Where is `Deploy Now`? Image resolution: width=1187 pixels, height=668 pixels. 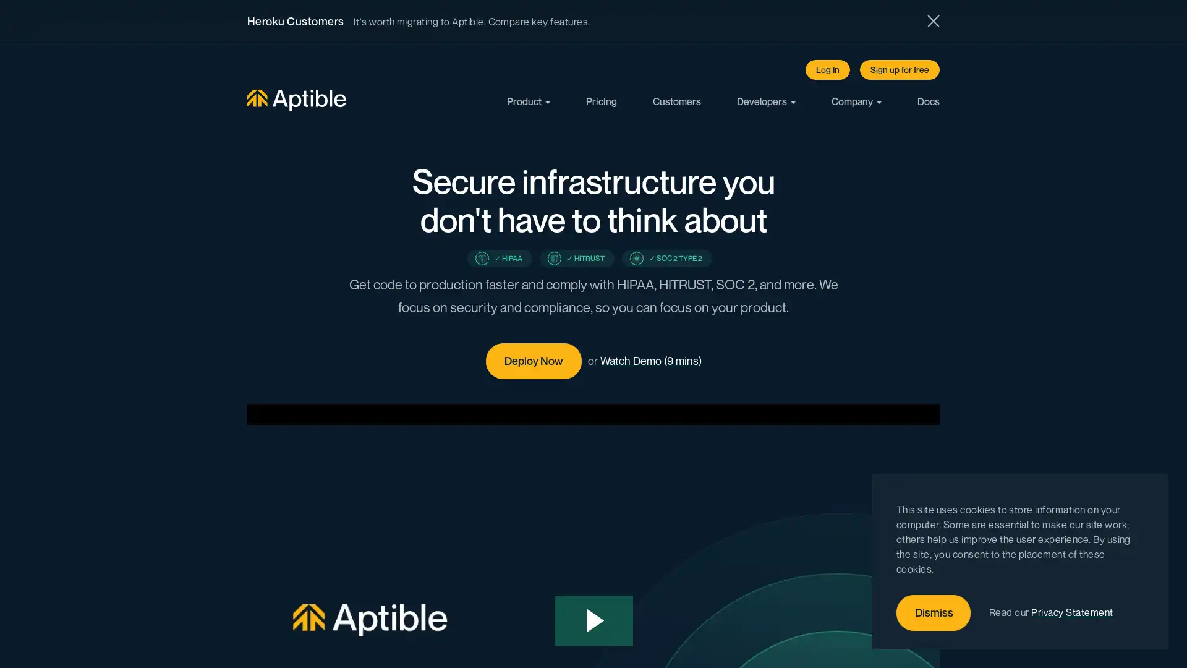
Deploy Now is located at coordinates (533, 361).